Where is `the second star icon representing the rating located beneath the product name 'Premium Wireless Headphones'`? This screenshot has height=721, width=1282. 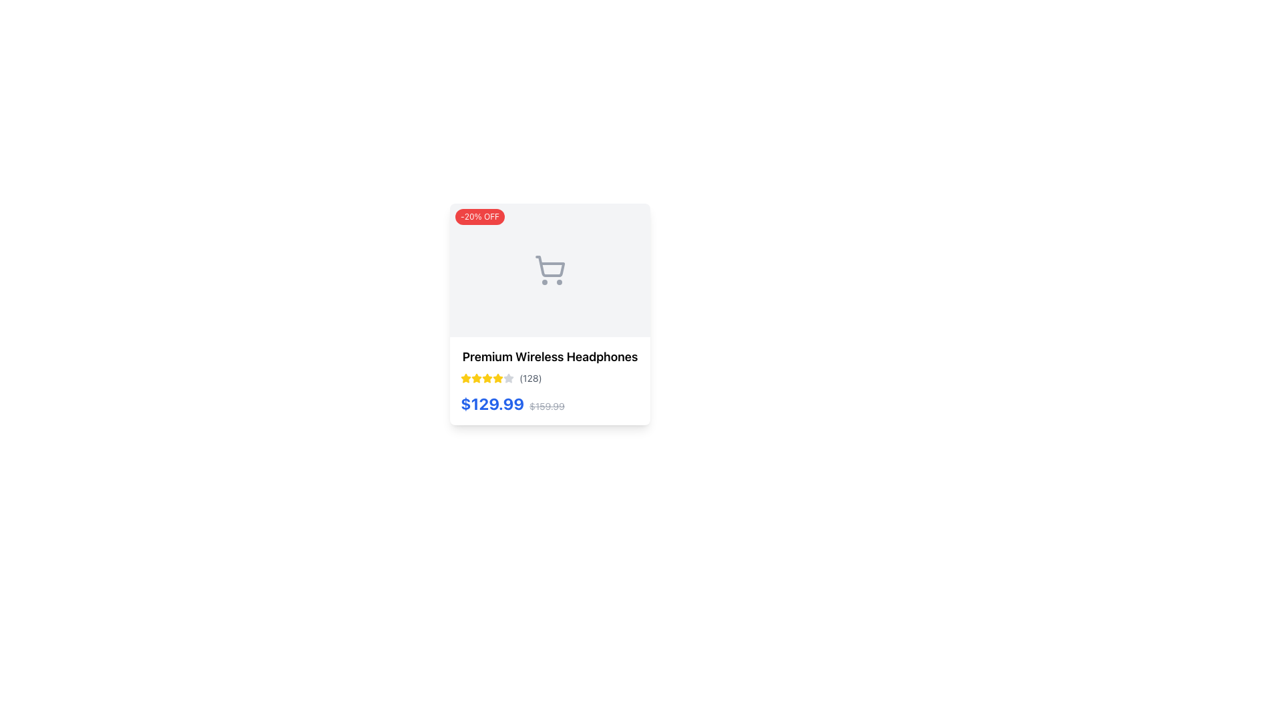 the second star icon representing the rating located beneath the product name 'Premium Wireless Headphones' is located at coordinates (477, 378).